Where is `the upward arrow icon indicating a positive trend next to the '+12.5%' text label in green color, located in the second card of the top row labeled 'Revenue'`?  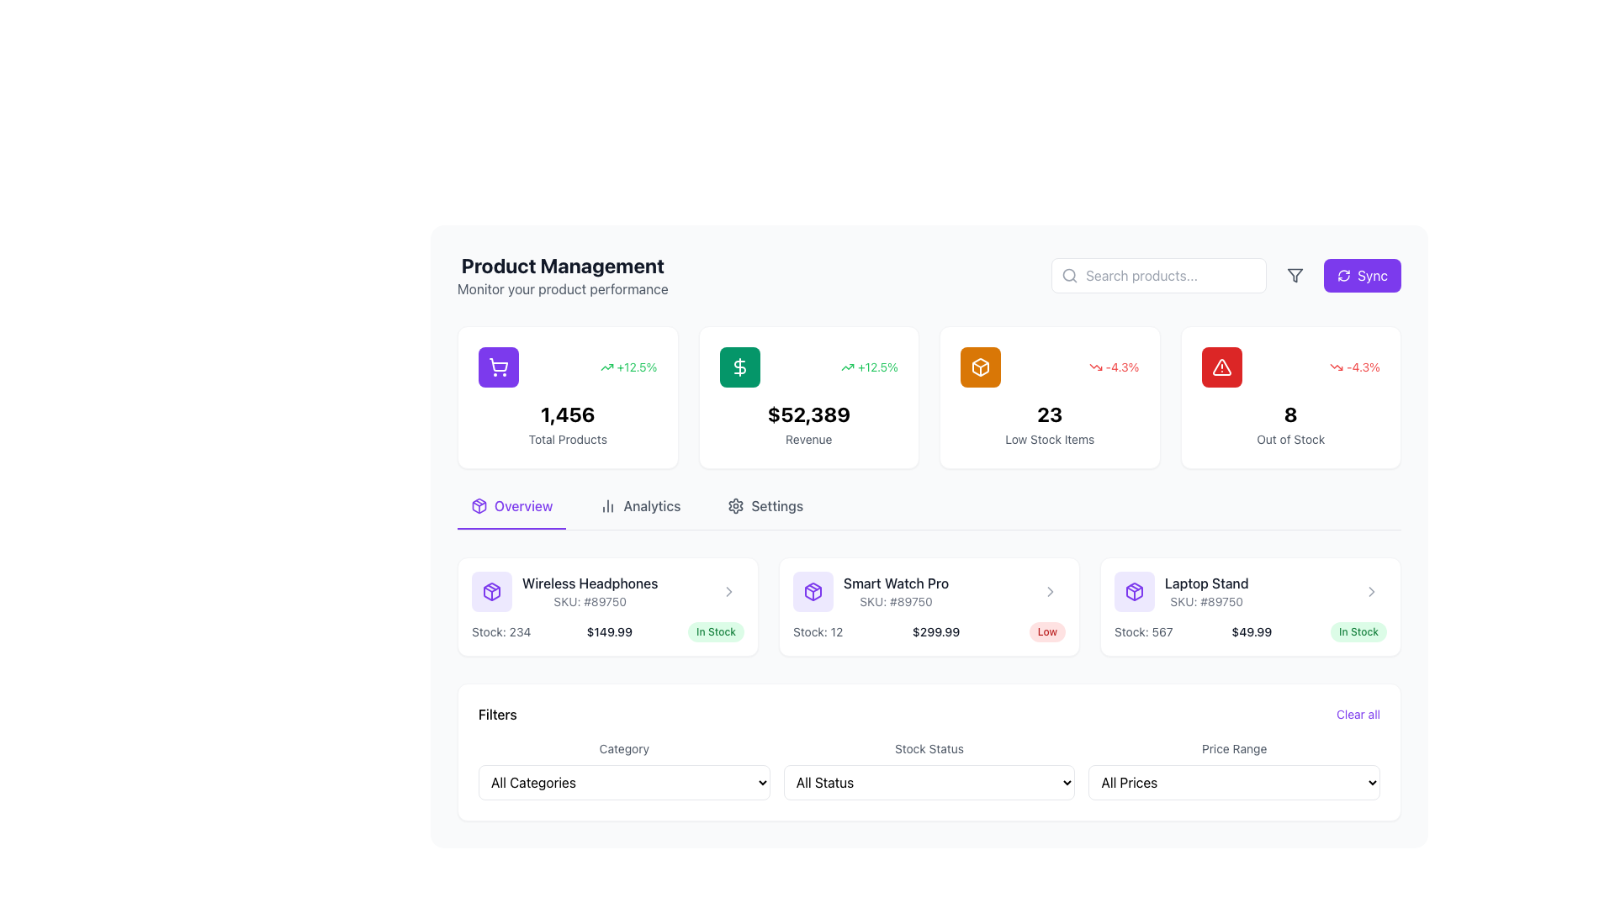 the upward arrow icon indicating a positive trend next to the '+12.5%' text label in green color, located in the second card of the top row labeled 'Revenue' is located at coordinates (869, 366).